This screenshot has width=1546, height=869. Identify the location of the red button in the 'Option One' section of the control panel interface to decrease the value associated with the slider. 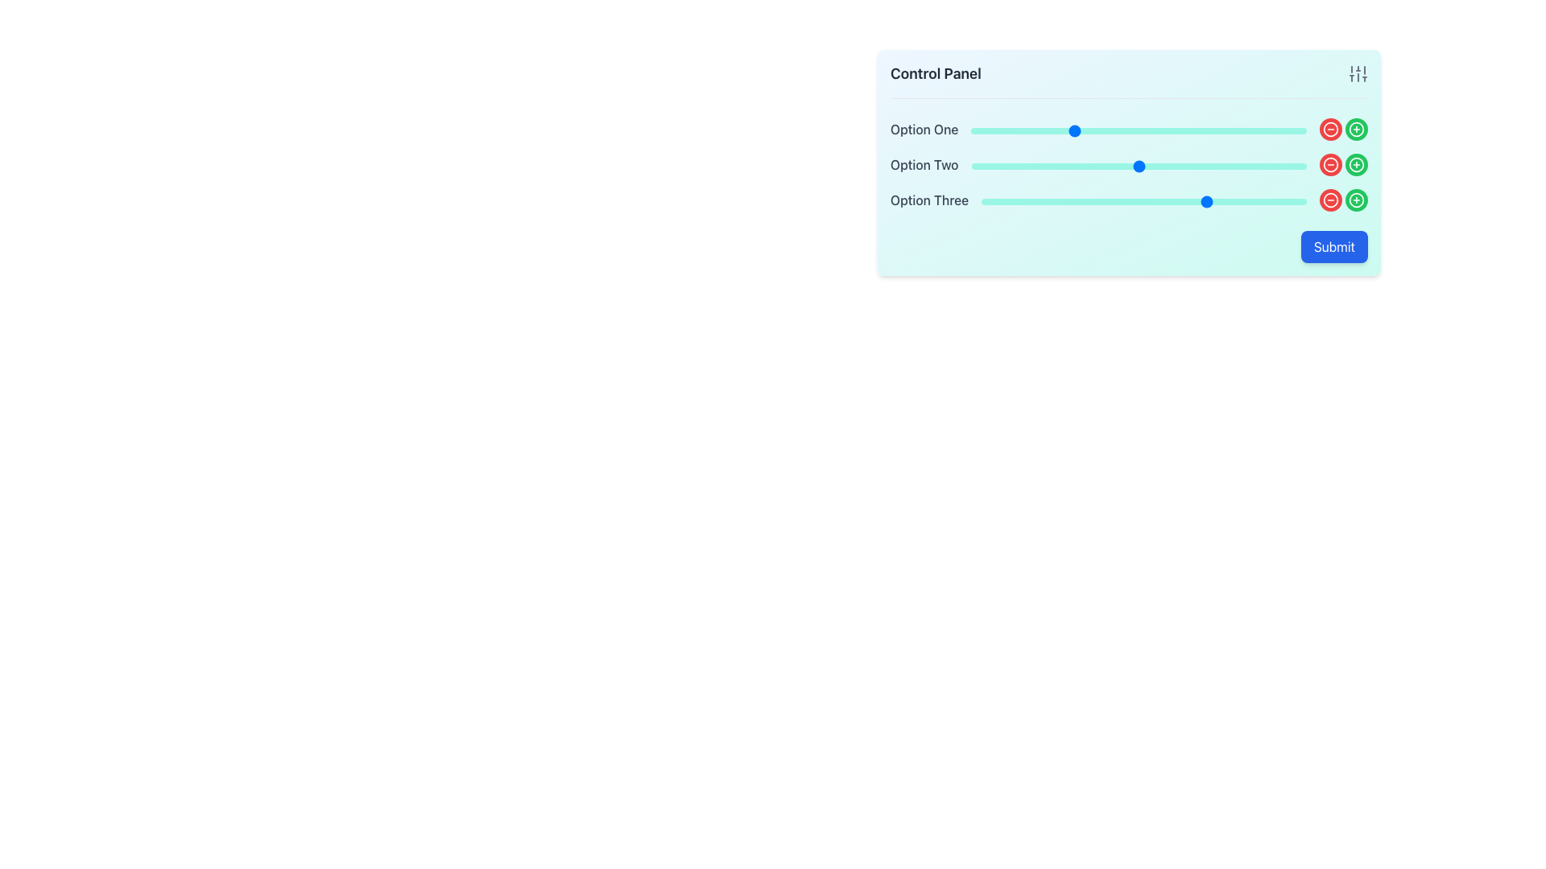
(1344, 129).